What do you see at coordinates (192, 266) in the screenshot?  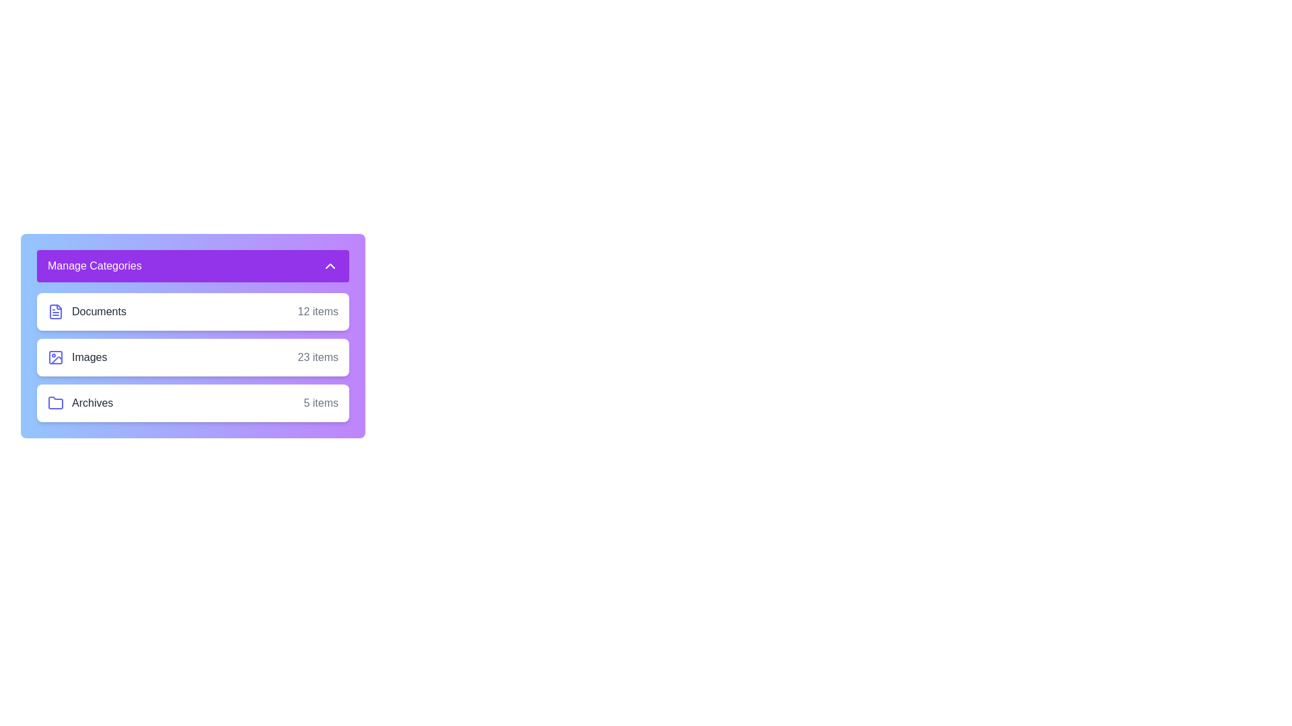 I see `the 'Manage Categories' button to toggle the menu expansion` at bounding box center [192, 266].